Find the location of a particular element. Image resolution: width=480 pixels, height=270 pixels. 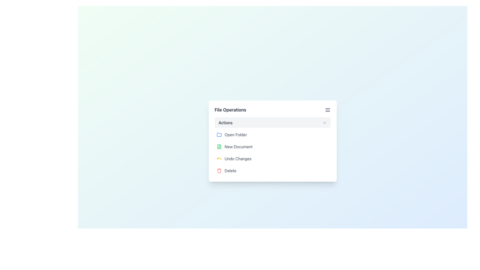

the green file document icon located in the second position under 'Actions' in the 'File Operations' menu is located at coordinates (219, 146).